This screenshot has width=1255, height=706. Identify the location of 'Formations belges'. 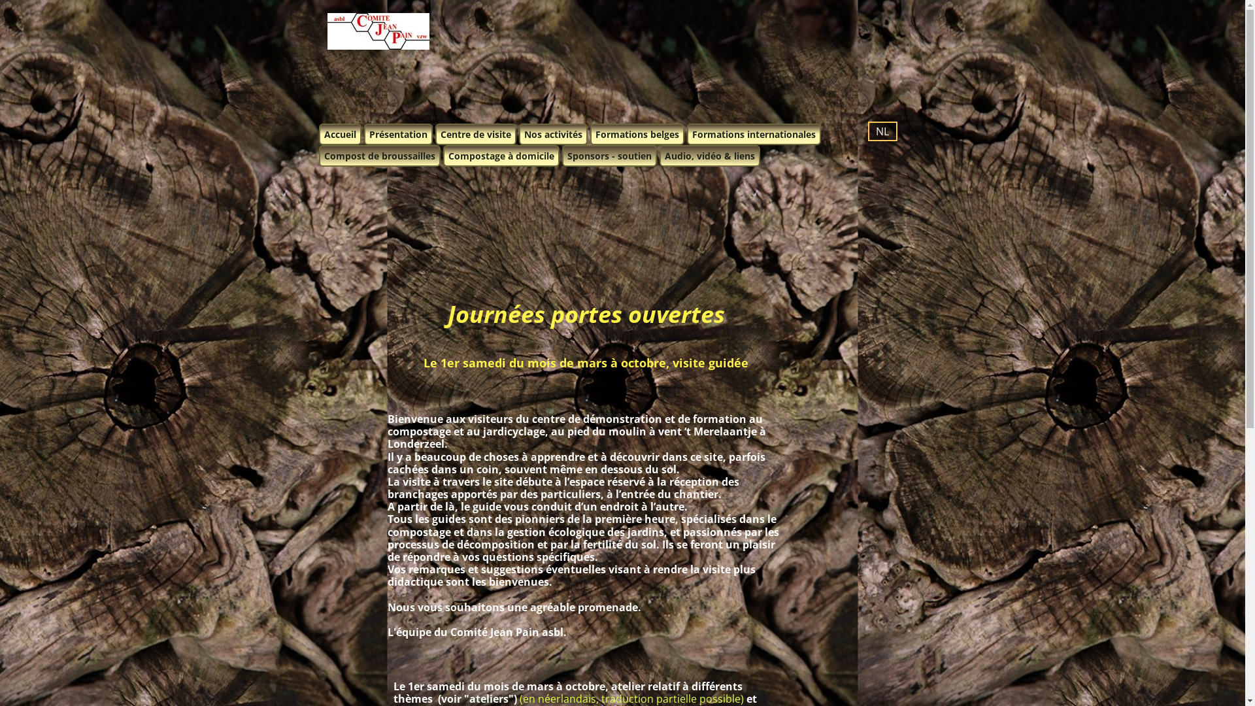
(637, 133).